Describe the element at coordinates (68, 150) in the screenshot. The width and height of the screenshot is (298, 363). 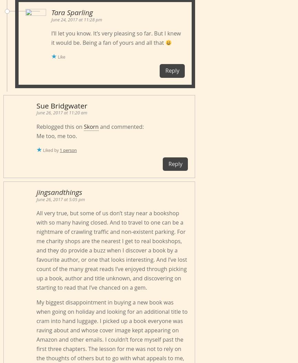
I see `'1 person'` at that location.